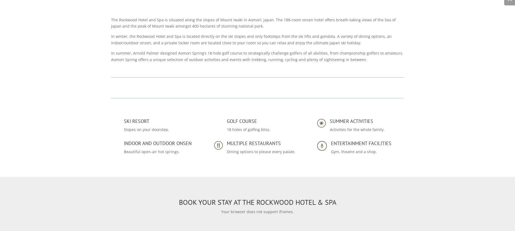 The height and width of the screenshot is (231, 515). I want to click on 'Activities for the whole family.', so click(357, 129).